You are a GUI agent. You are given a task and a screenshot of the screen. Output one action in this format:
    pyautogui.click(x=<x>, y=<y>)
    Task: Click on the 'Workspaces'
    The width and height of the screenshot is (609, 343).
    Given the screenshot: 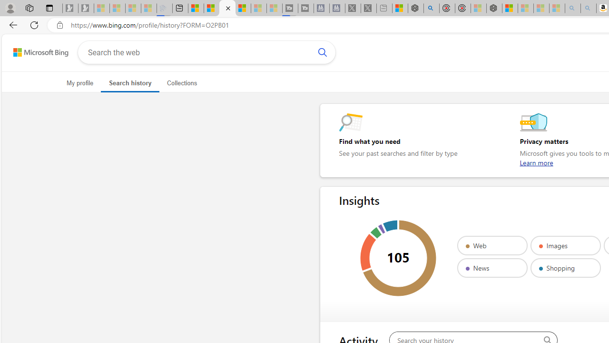 What is the action you would take?
    pyautogui.click(x=29, y=8)
    